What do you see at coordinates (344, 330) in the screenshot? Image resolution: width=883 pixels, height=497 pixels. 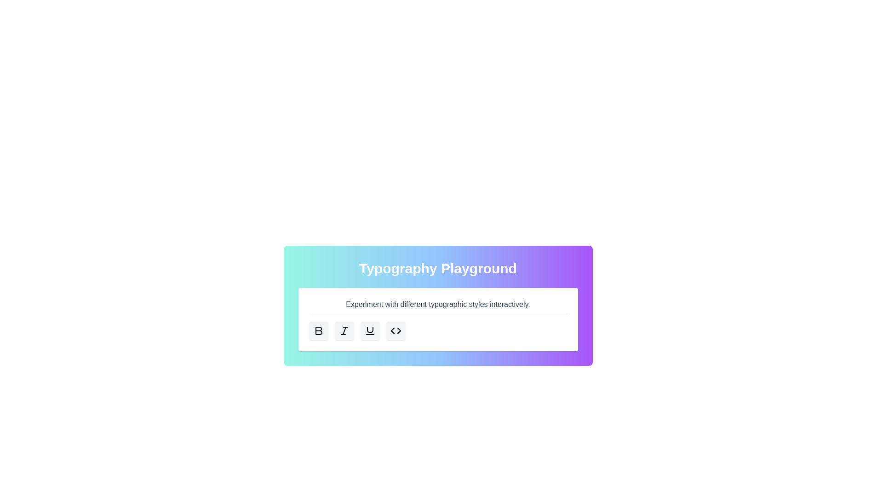 I see `the middle diagonal line of the italicized 'I' icon` at bounding box center [344, 330].